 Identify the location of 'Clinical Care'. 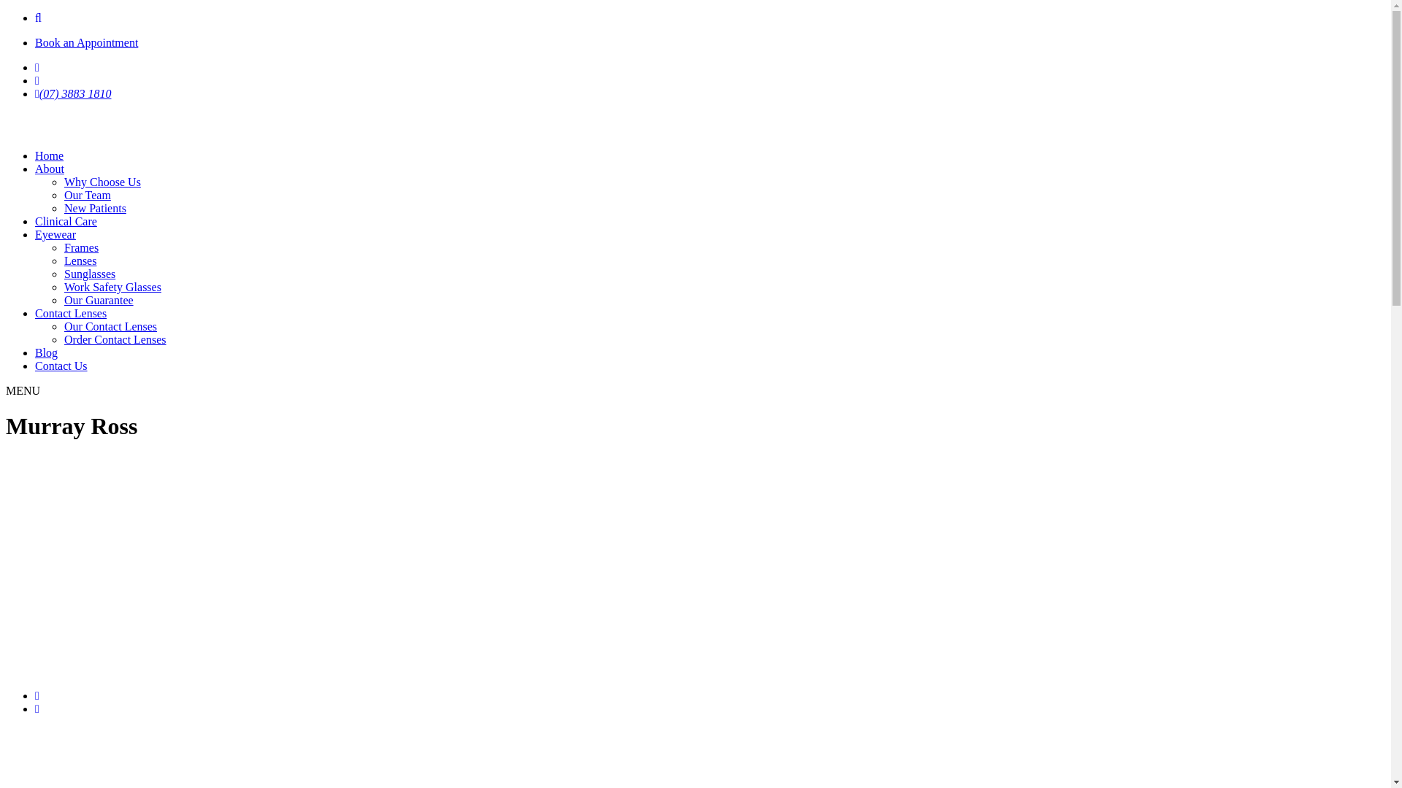
(65, 221).